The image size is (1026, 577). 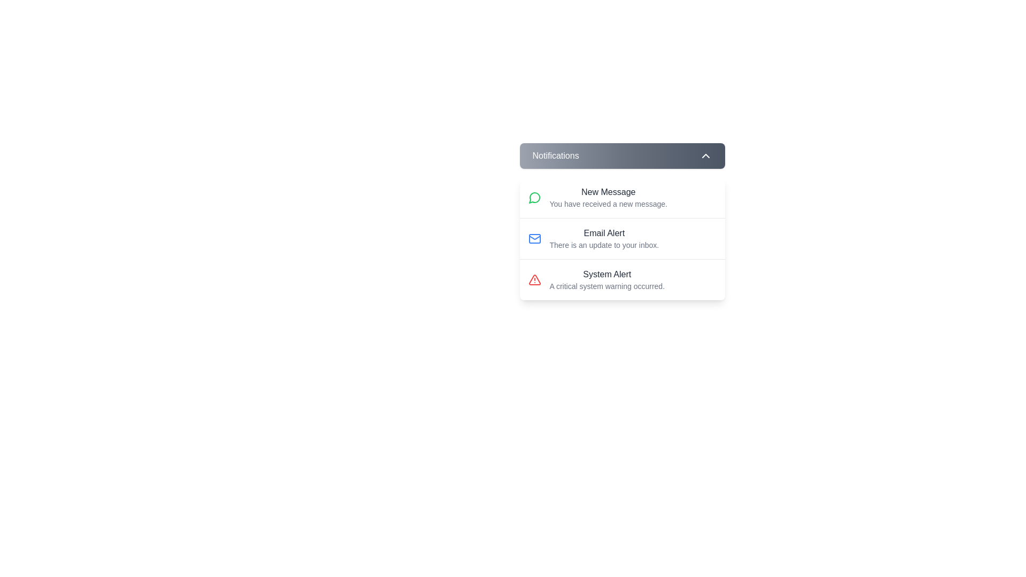 What do you see at coordinates (604, 232) in the screenshot?
I see `the Text label that identifies email alerts in the Notifications section, positioned above the message content 'There is an update to your inbox.'` at bounding box center [604, 232].